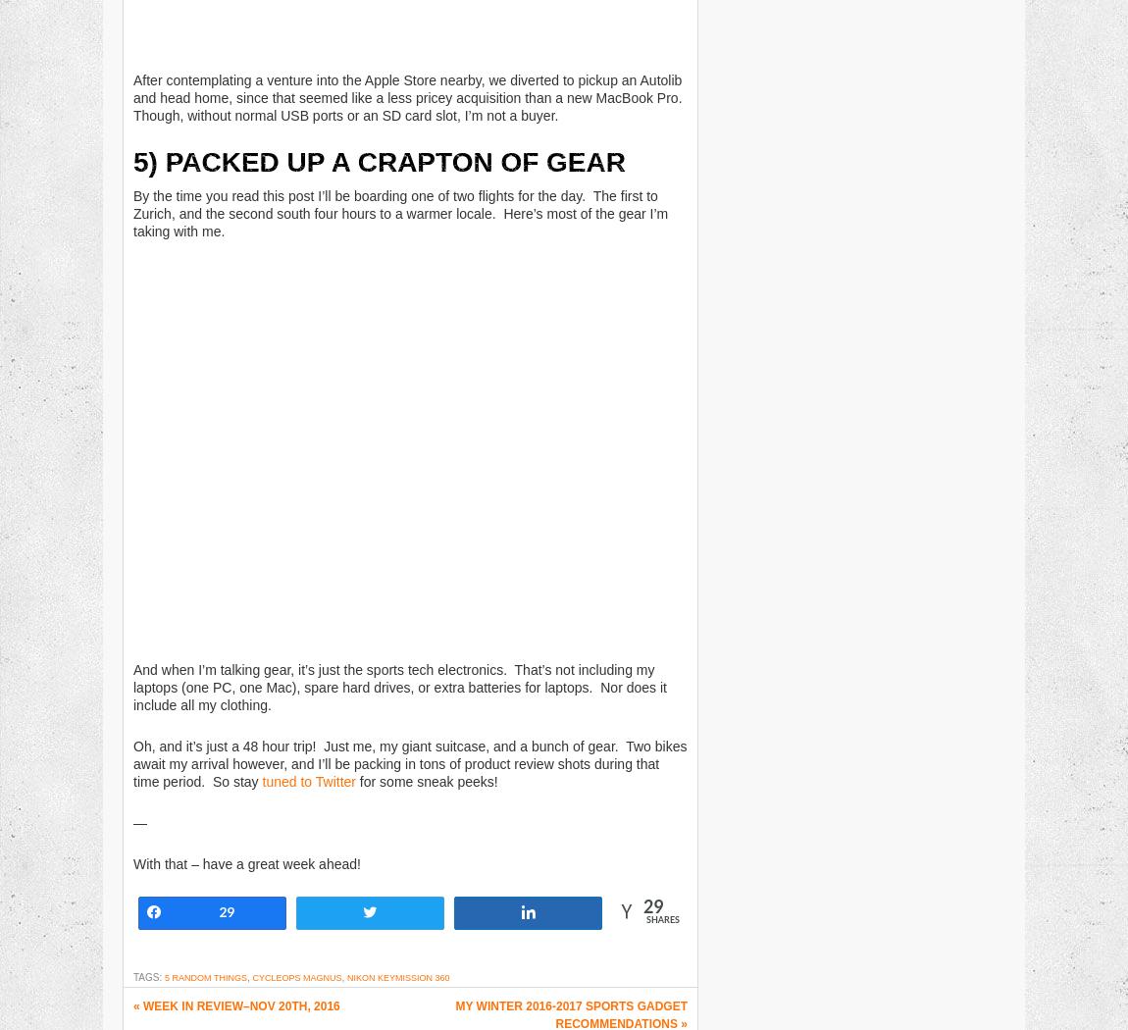 The height and width of the screenshot is (1030, 1128). I want to click on 'tuned to Twitter', so click(308, 780).